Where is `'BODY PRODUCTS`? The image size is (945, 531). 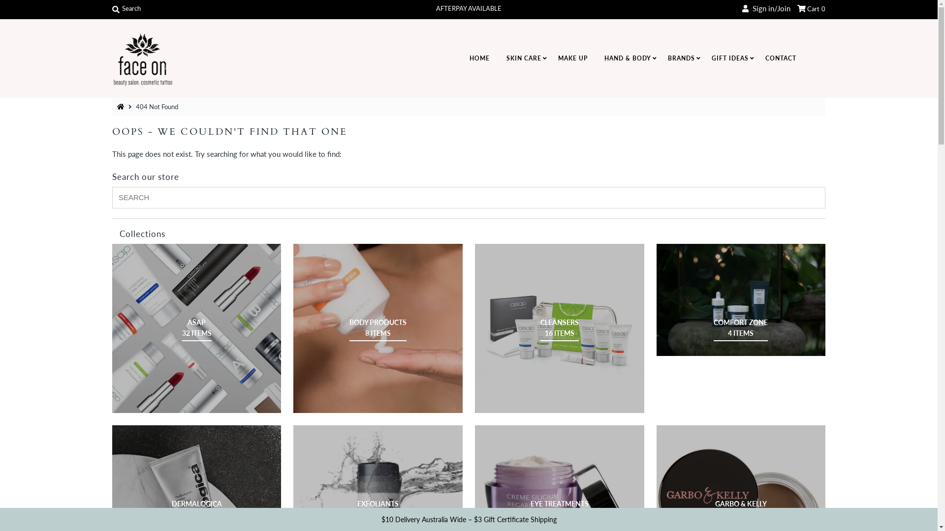 'BODY PRODUCTS is located at coordinates (378, 328).